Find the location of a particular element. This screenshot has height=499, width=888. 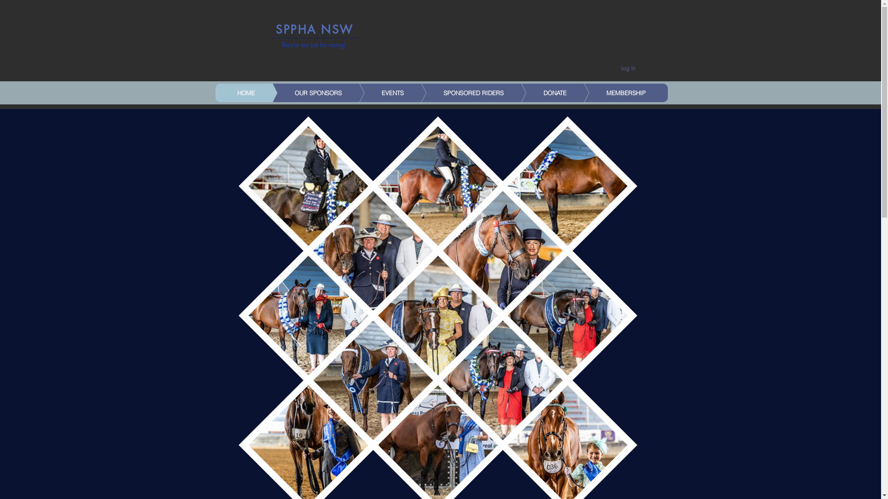

'SPPHA NSW' is located at coordinates (314, 29).